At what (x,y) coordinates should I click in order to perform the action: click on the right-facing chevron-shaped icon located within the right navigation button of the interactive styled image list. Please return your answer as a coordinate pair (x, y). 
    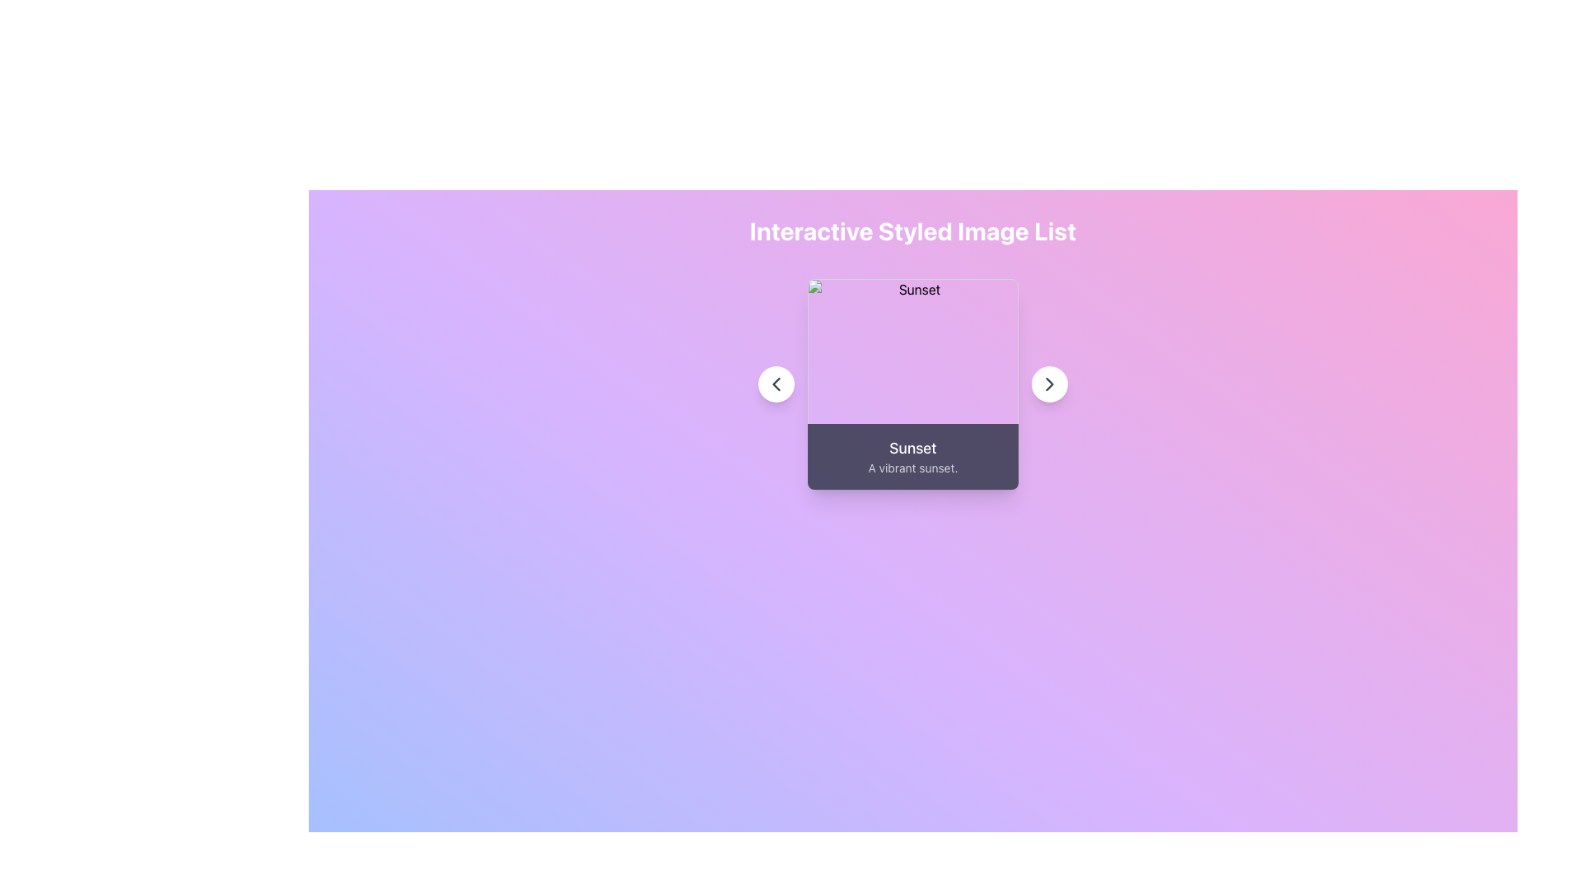
    Looking at the image, I should click on (1049, 384).